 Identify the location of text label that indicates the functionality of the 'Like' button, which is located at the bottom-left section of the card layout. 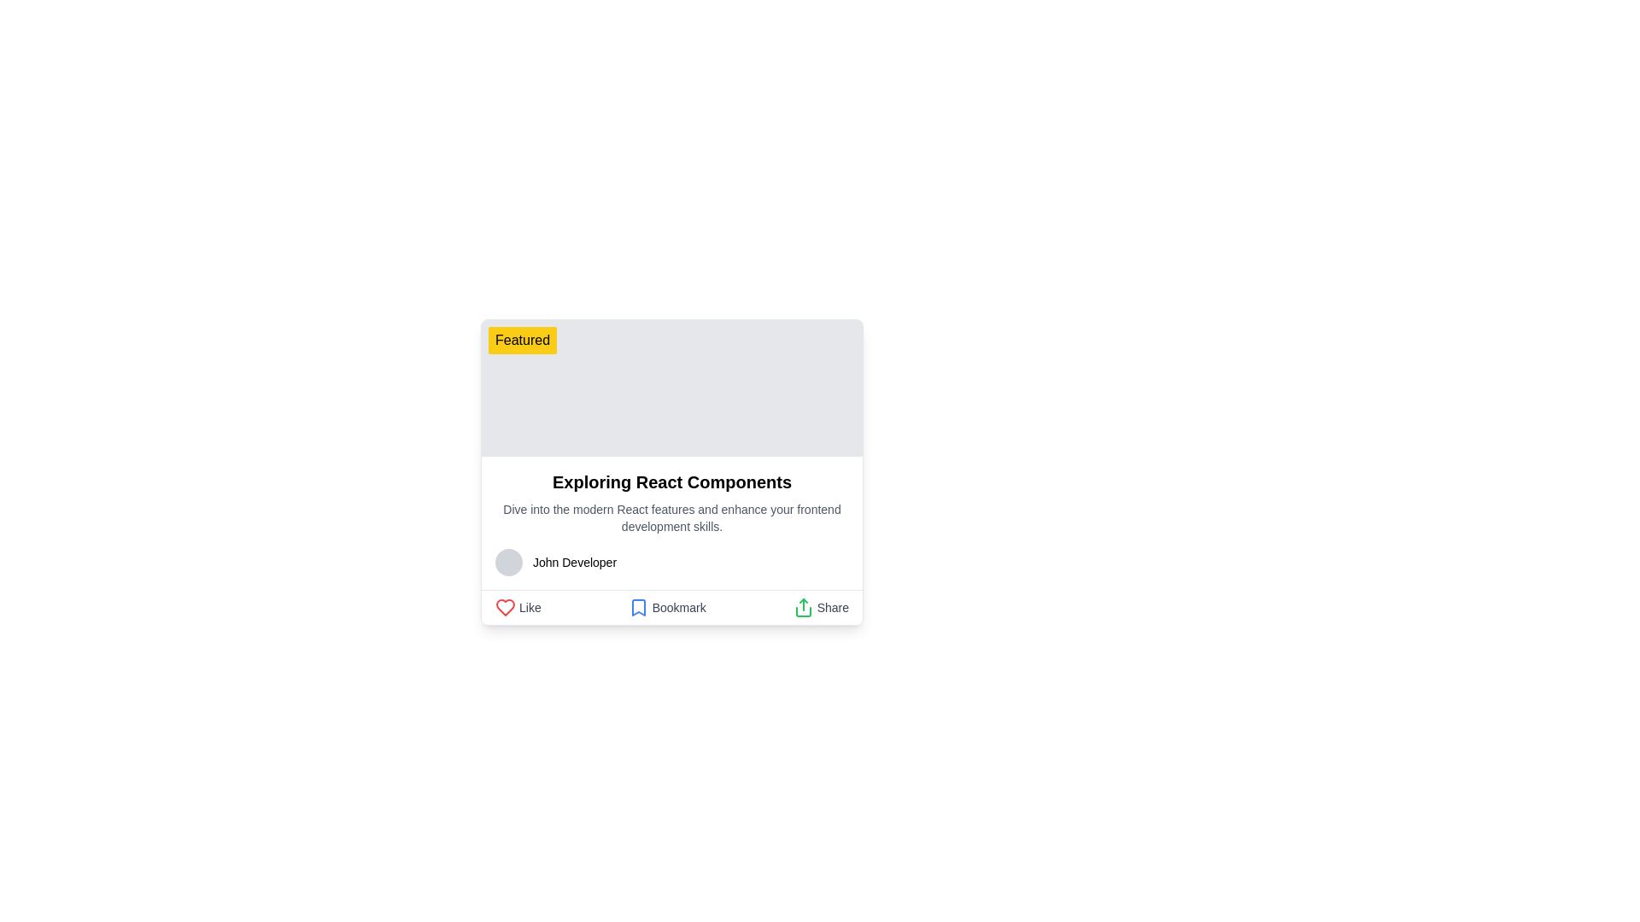
(529, 607).